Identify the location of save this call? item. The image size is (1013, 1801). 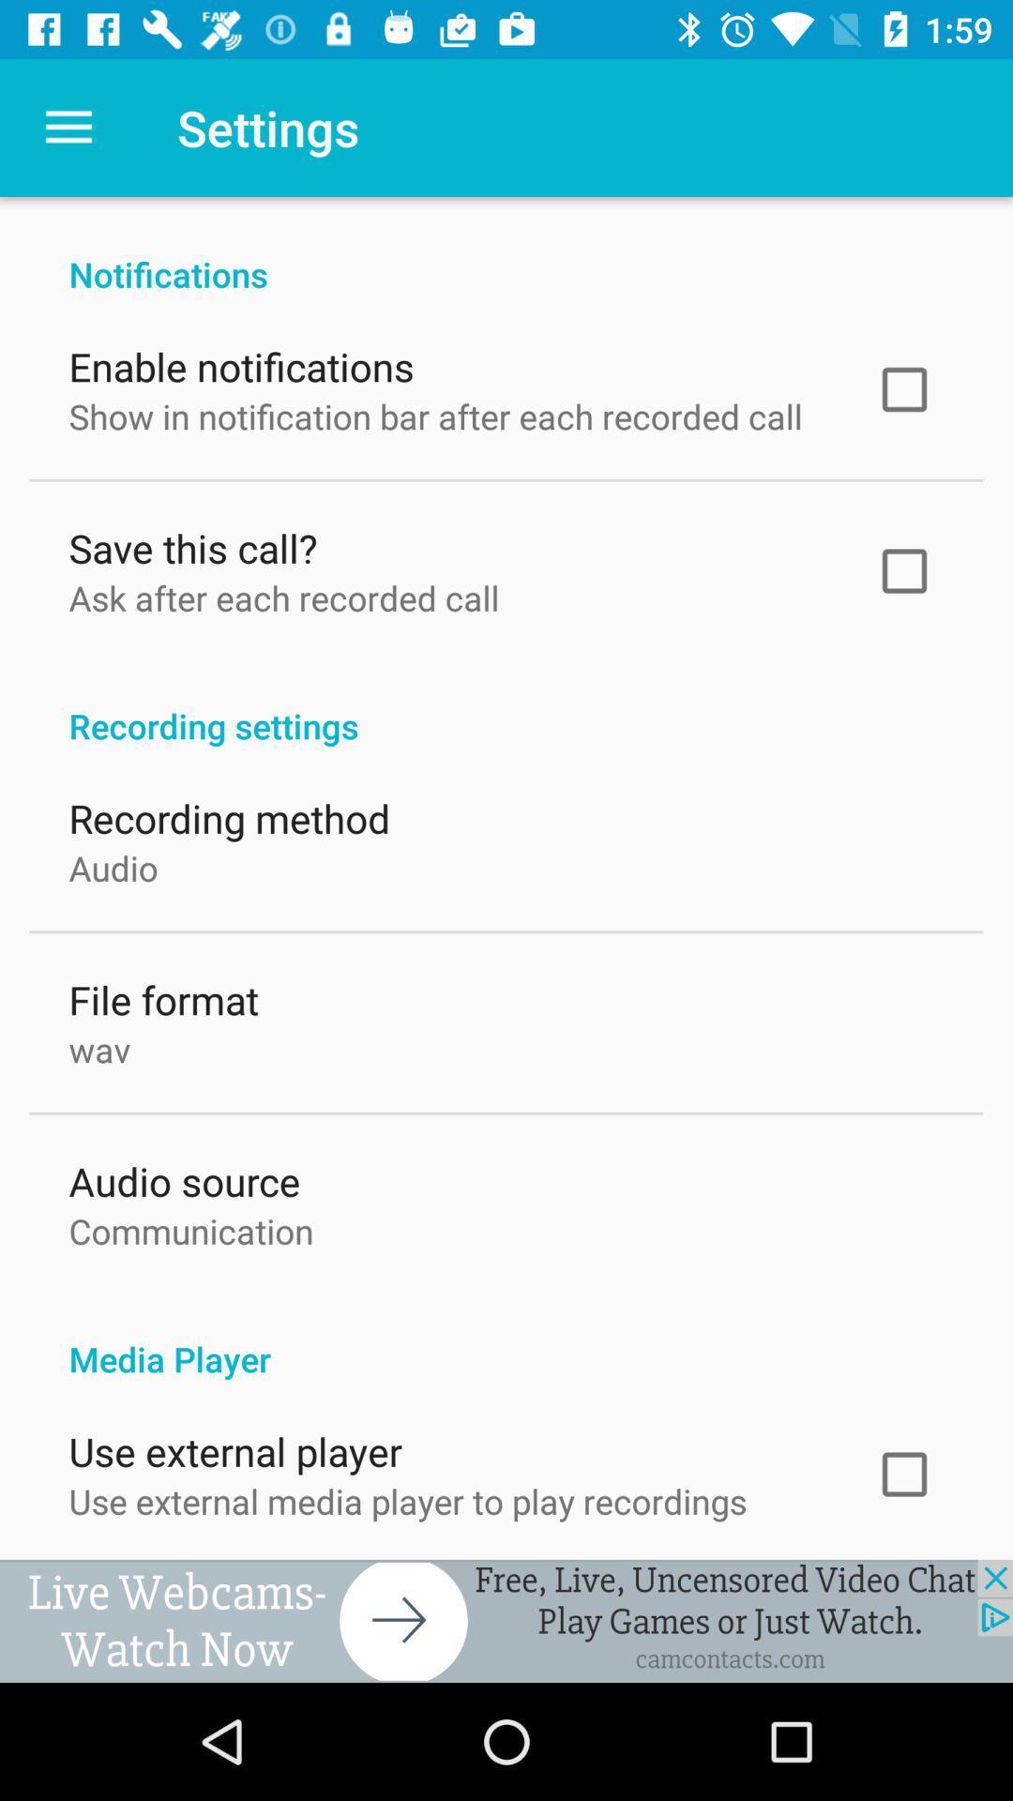
(192, 542).